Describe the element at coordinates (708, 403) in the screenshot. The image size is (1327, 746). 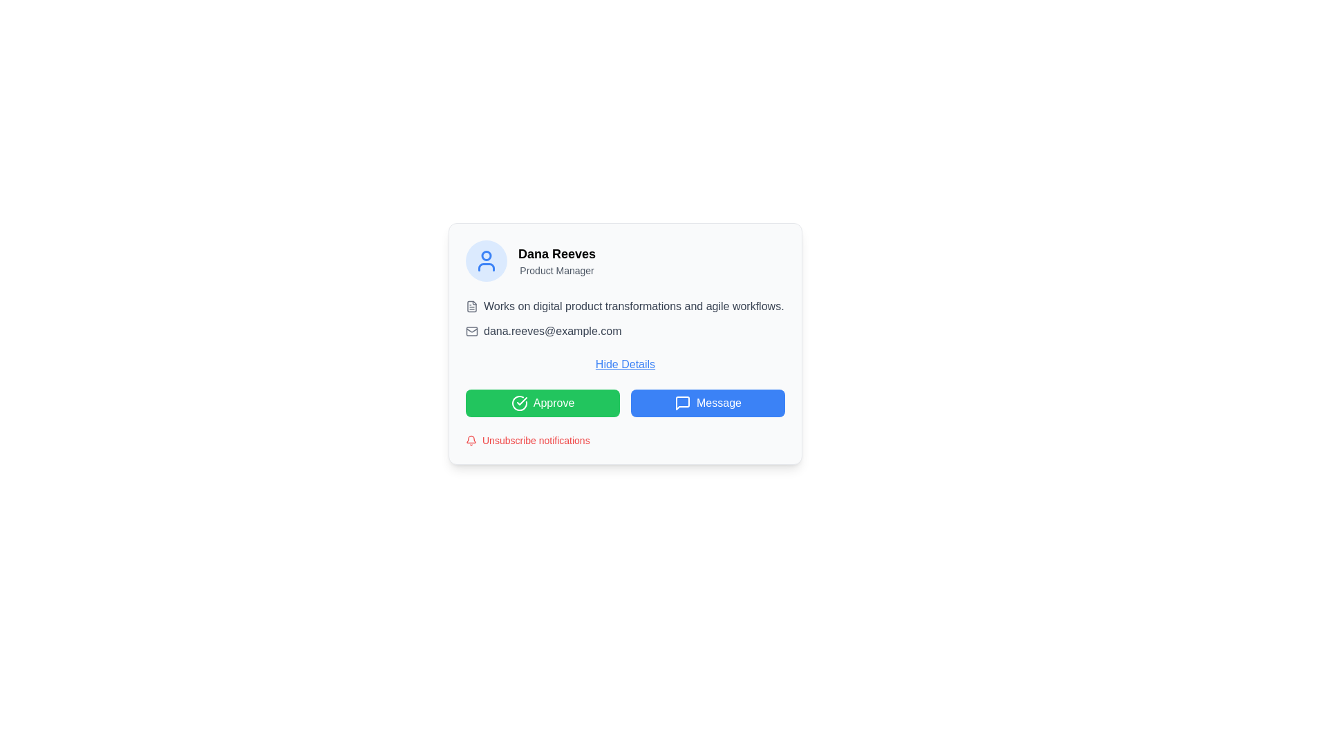
I see `the messaging button located on the right side of the grid layout, which is the second button following the 'Approve' button` at that location.